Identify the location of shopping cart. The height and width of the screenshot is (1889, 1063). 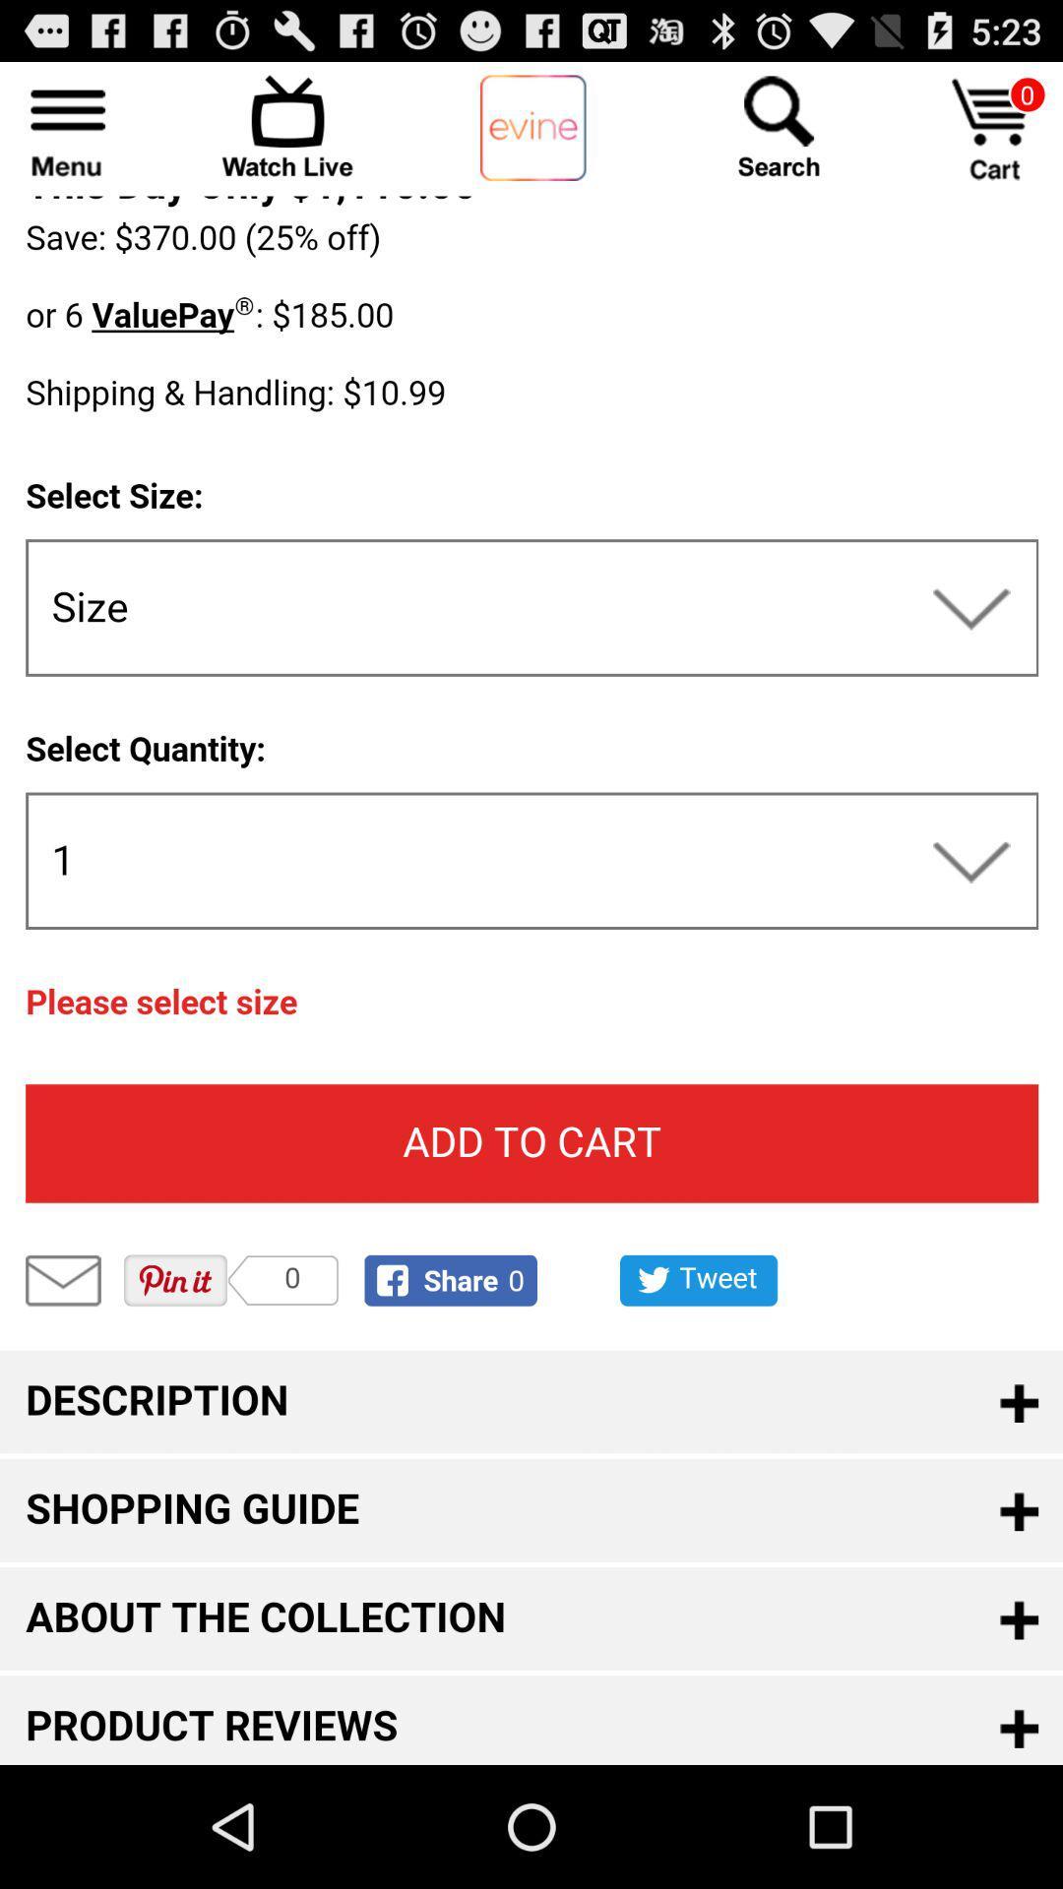
(994, 128).